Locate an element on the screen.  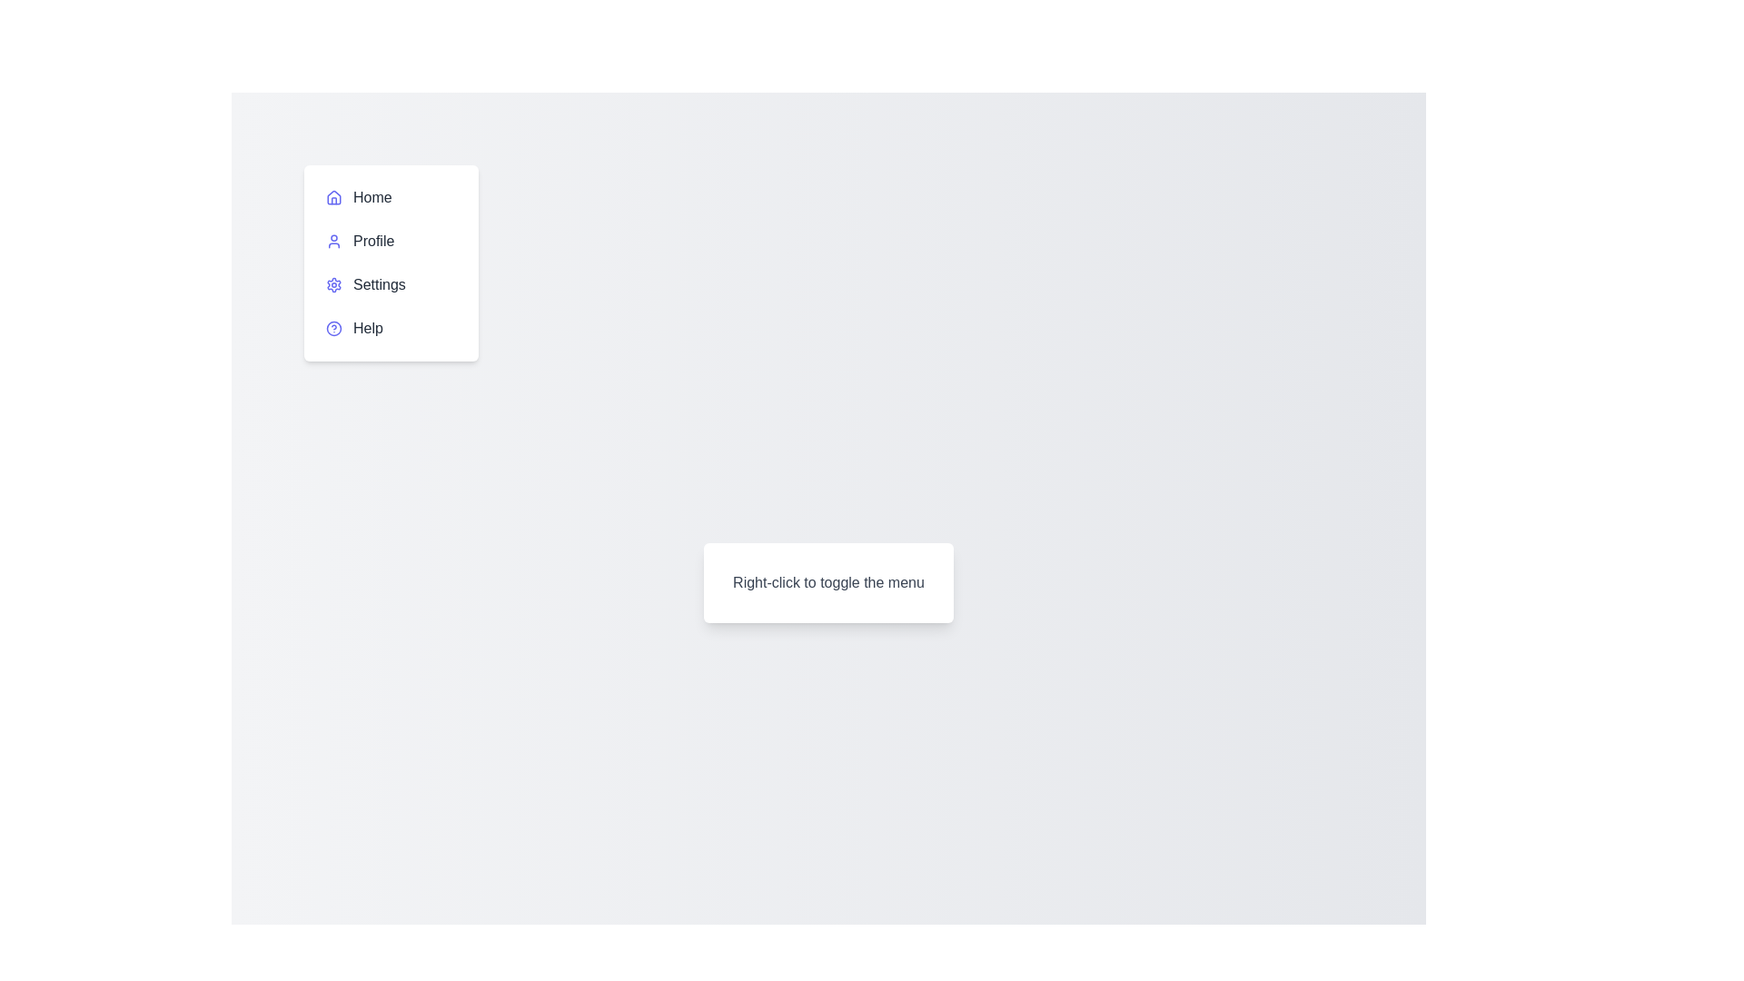
the menu item Help to highlight it is located at coordinates (391, 329).